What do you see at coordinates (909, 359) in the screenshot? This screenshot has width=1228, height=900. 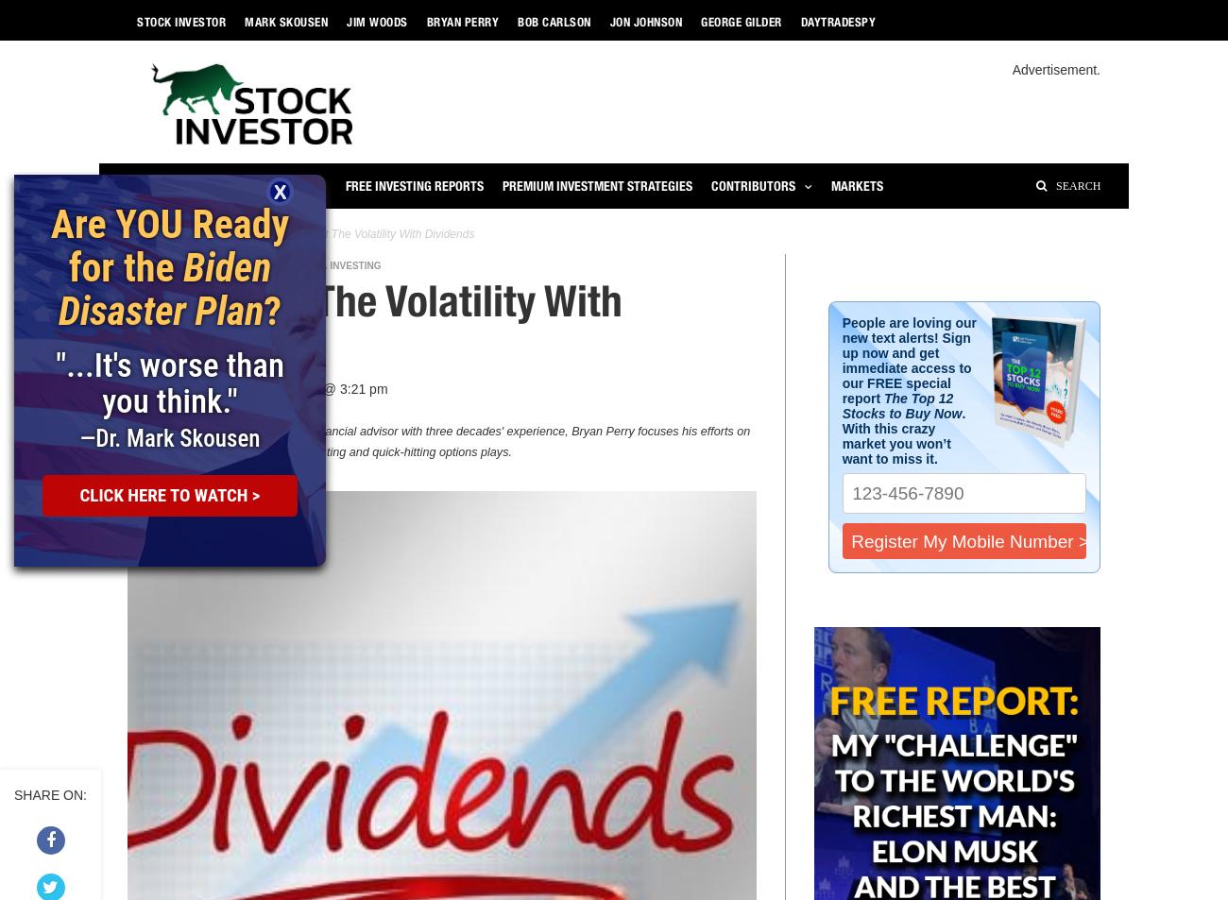 I see `'People are loving our new text alerts! Sign up now and get immediate access to our FREE special report'` at bounding box center [909, 359].